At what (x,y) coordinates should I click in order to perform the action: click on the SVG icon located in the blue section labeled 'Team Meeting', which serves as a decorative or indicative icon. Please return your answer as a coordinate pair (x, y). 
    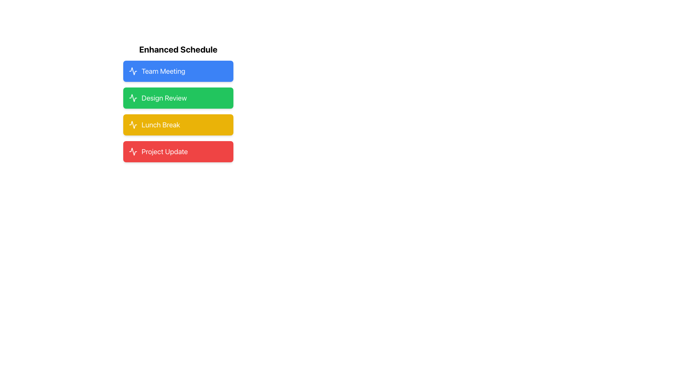
    Looking at the image, I should click on (133, 71).